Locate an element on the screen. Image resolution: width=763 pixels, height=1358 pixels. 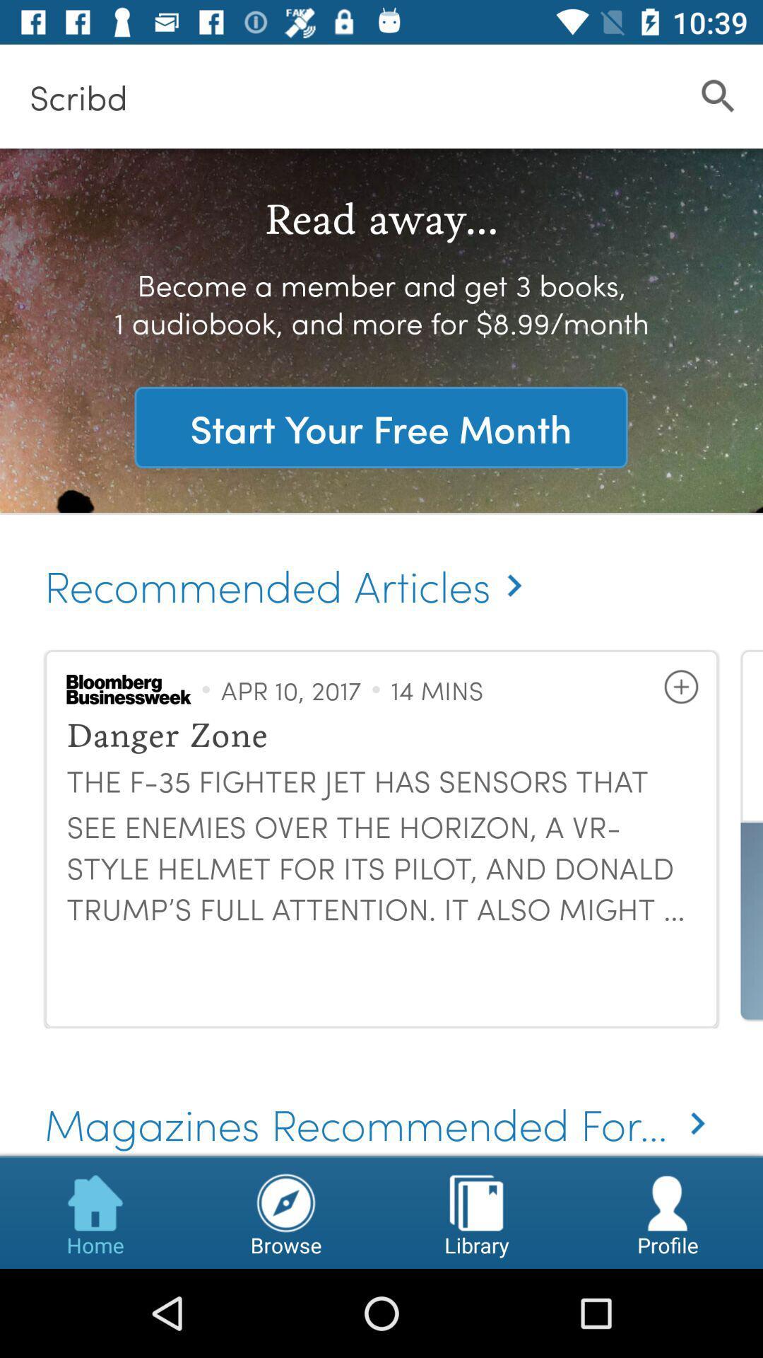
start your free is located at coordinates (380, 426).